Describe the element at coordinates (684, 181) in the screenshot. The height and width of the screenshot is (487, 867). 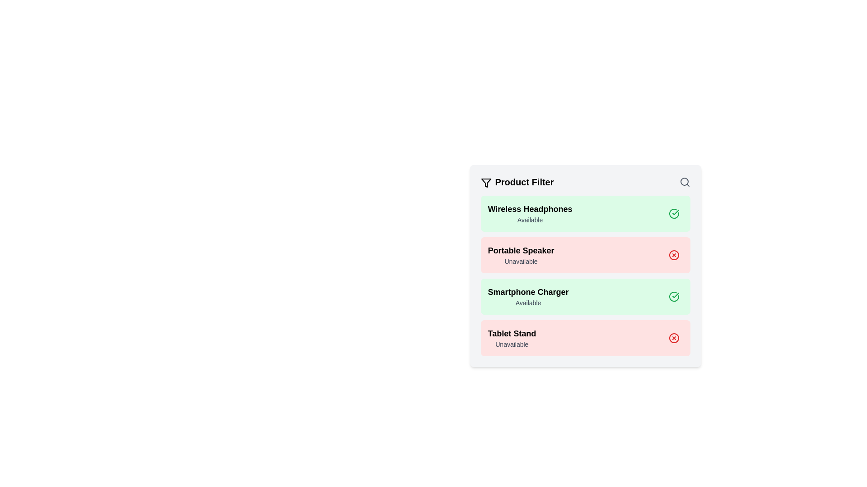
I see `the central circle of the search icon, which is located at the top-right of the application interface next to the 'Product Filter' section` at that location.